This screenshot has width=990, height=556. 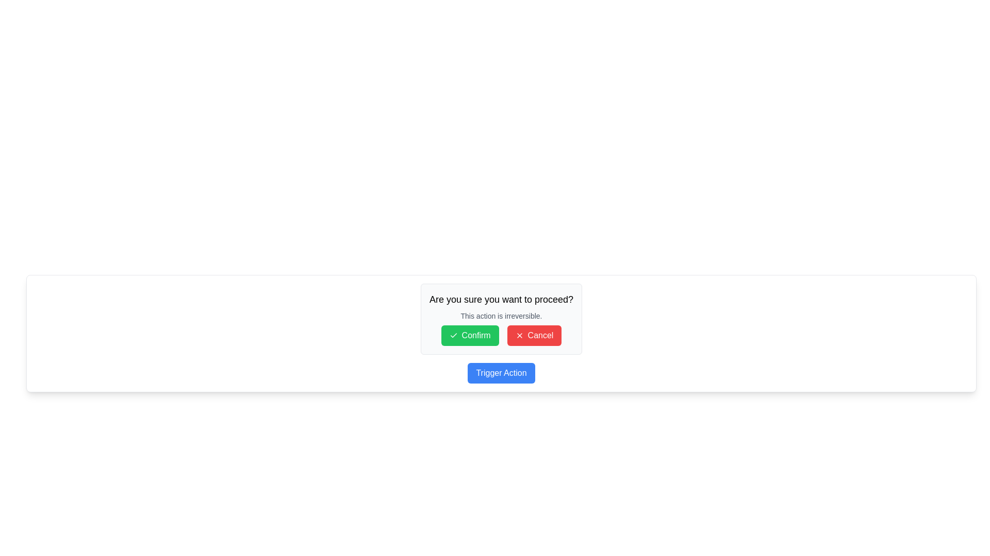 What do you see at coordinates (501, 335) in the screenshot?
I see `the 'Confirm' button in the Button Group located below the header text 'Are you sure you want to proceed?' to approve the action` at bounding box center [501, 335].